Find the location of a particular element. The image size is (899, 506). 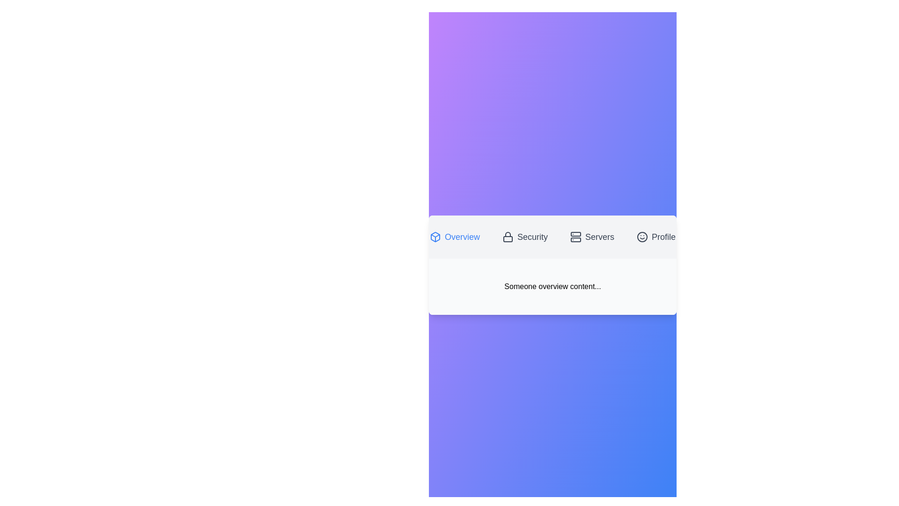

the circular vector graphic that forms the main boundary of the smiling face icon located in the top-right corner of the navigation bar is located at coordinates (642, 236).